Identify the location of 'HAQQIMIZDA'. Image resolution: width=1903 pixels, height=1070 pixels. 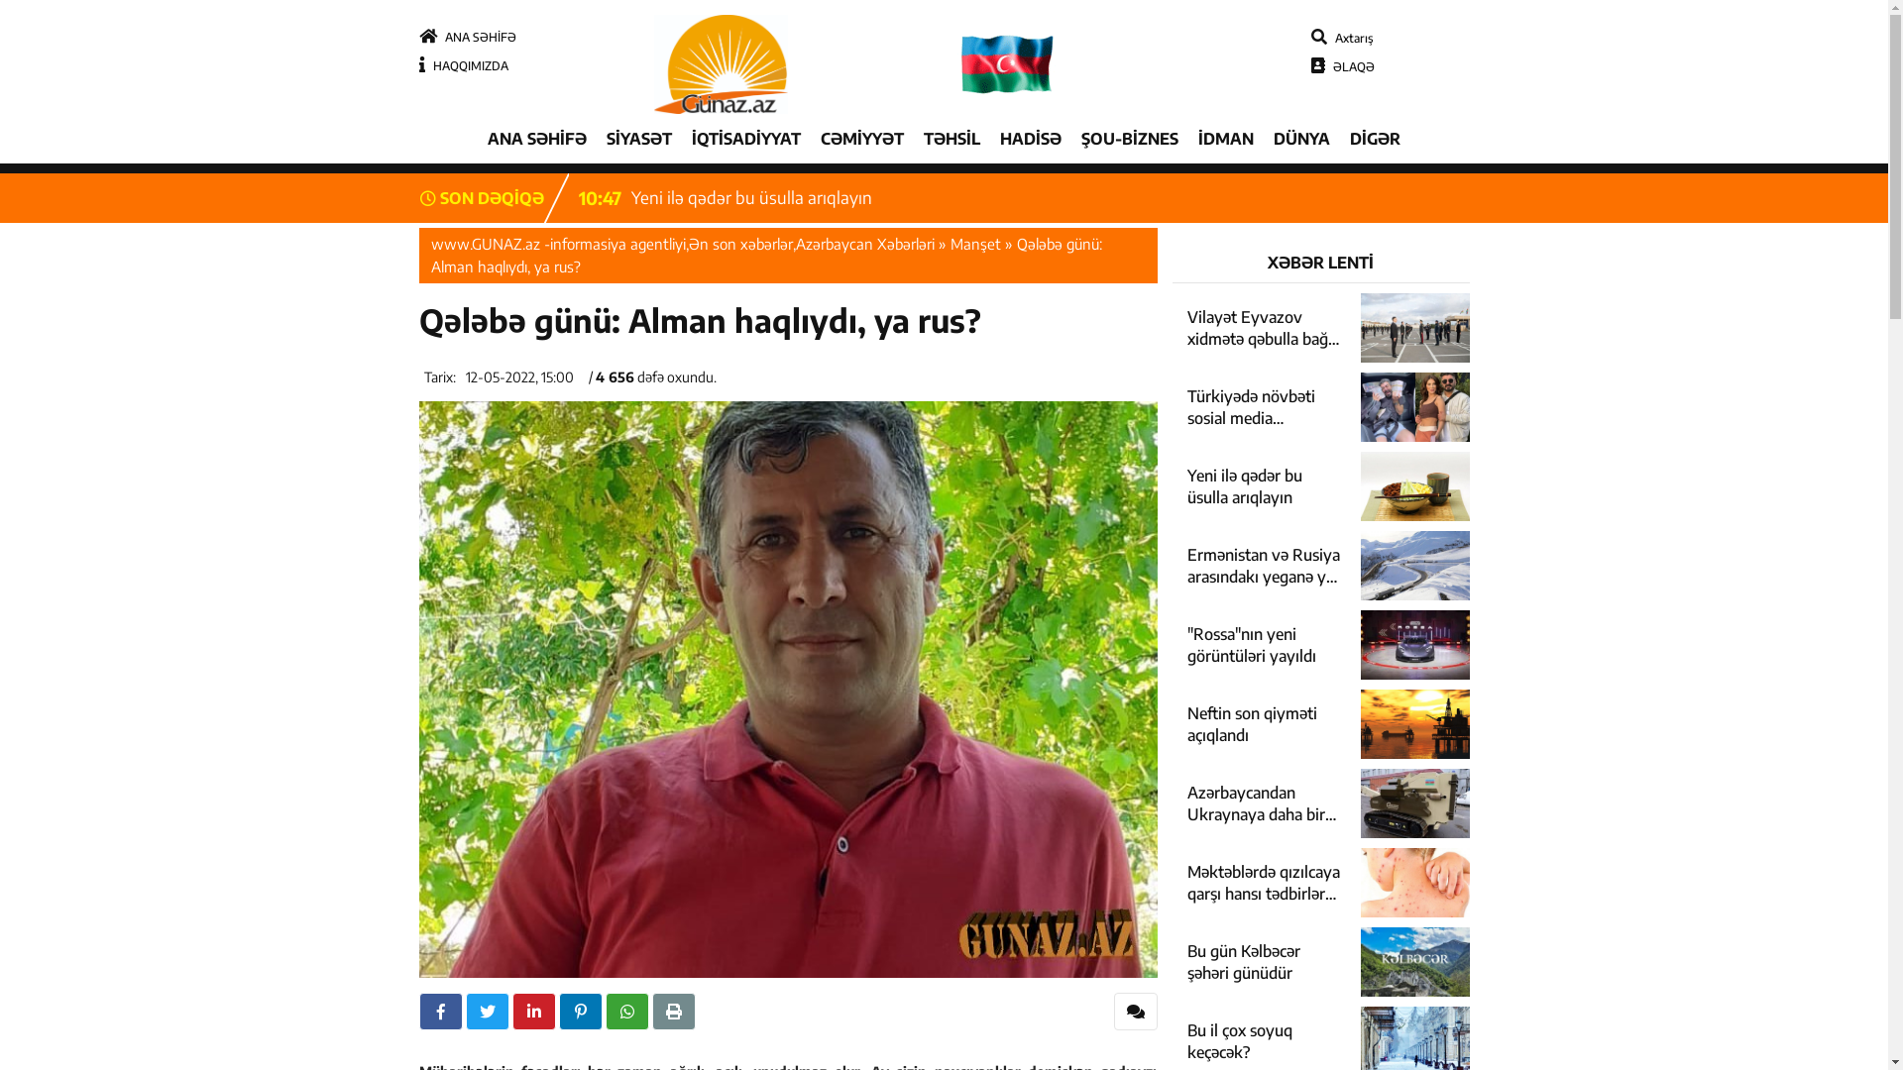
(461, 64).